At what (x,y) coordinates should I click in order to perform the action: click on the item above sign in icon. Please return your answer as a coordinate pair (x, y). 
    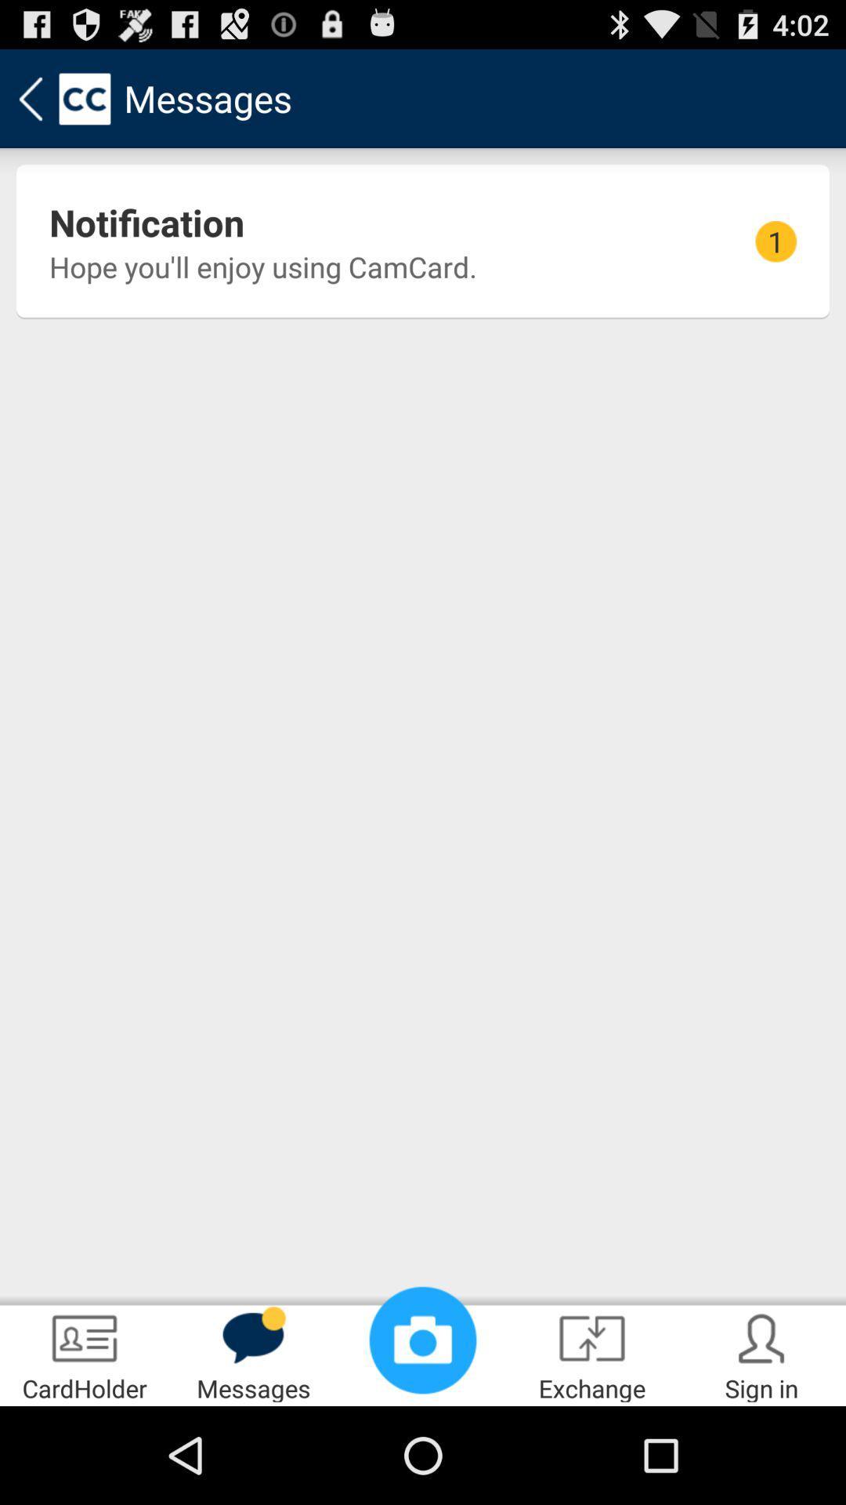
    Looking at the image, I should click on (775, 241).